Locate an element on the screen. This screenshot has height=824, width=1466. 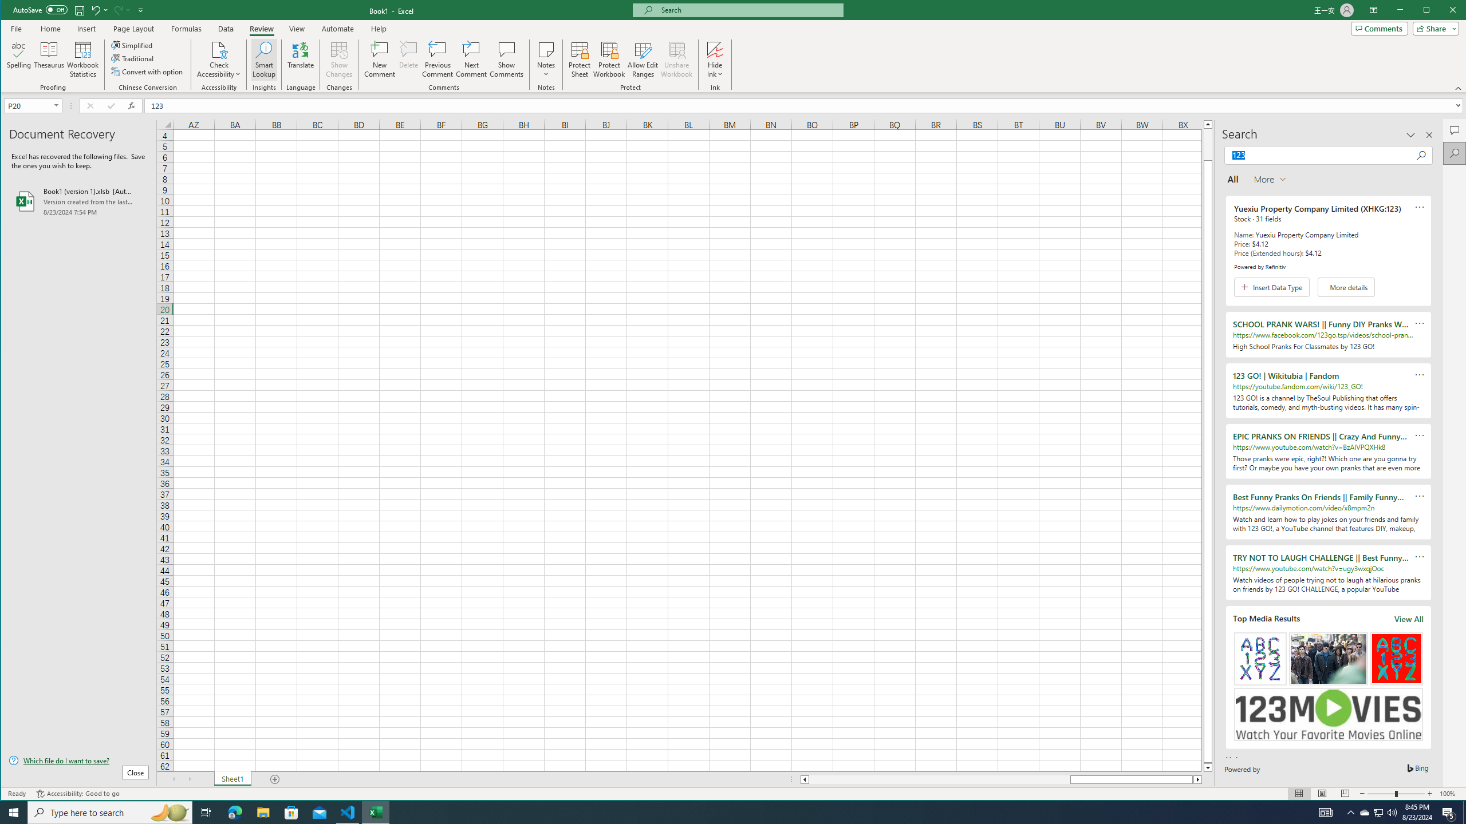
'Next Comment' is located at coordinates (471, 59).